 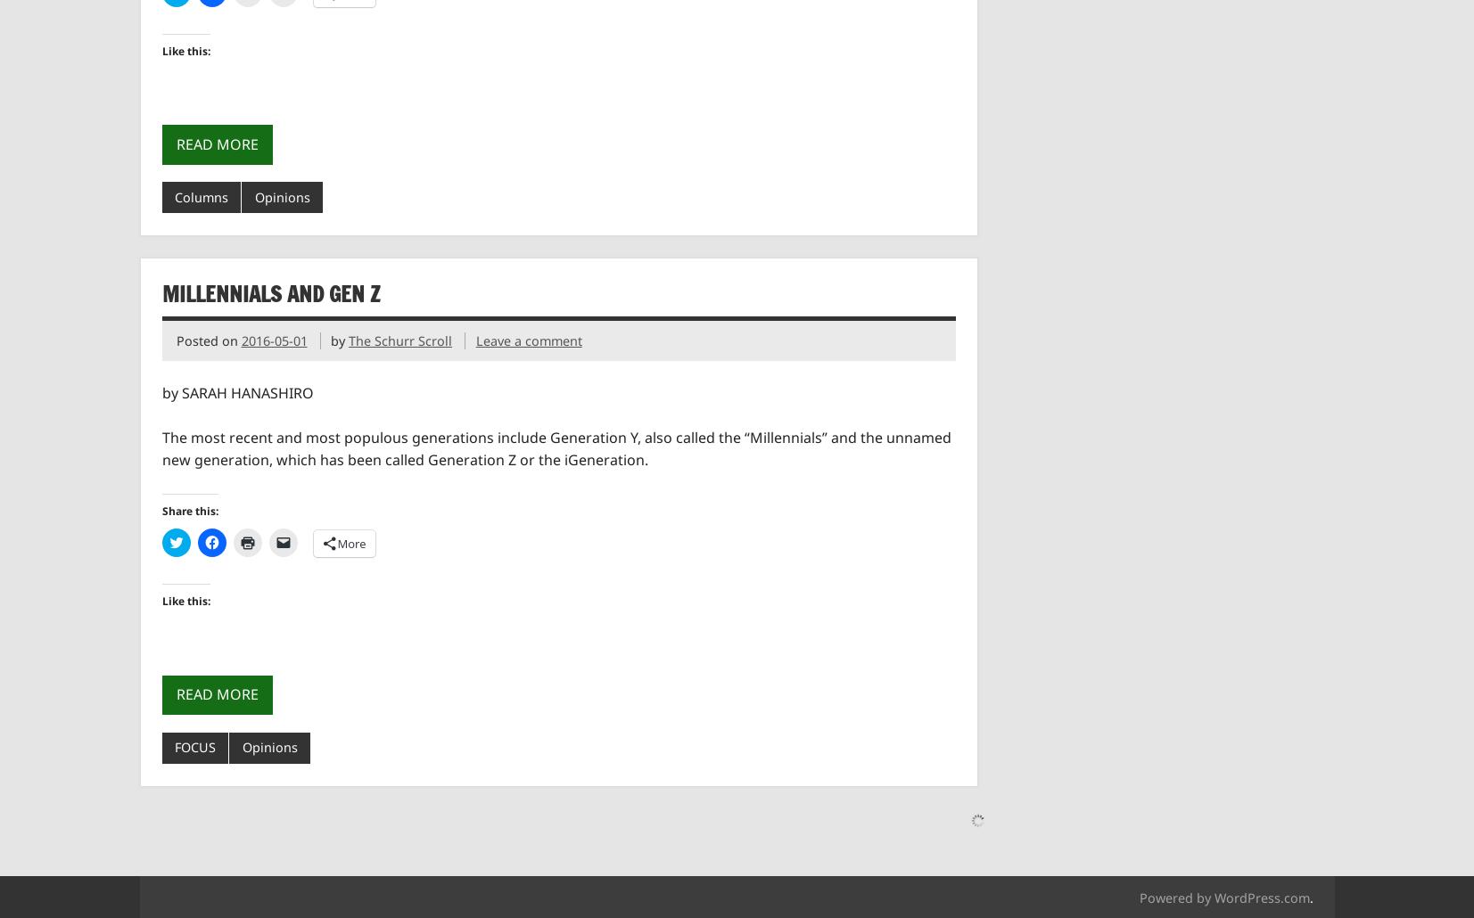 What do you see at coordinates (207, 340) in the screenshot?
I see `'Posted on'` at bounding box center [207, 340].